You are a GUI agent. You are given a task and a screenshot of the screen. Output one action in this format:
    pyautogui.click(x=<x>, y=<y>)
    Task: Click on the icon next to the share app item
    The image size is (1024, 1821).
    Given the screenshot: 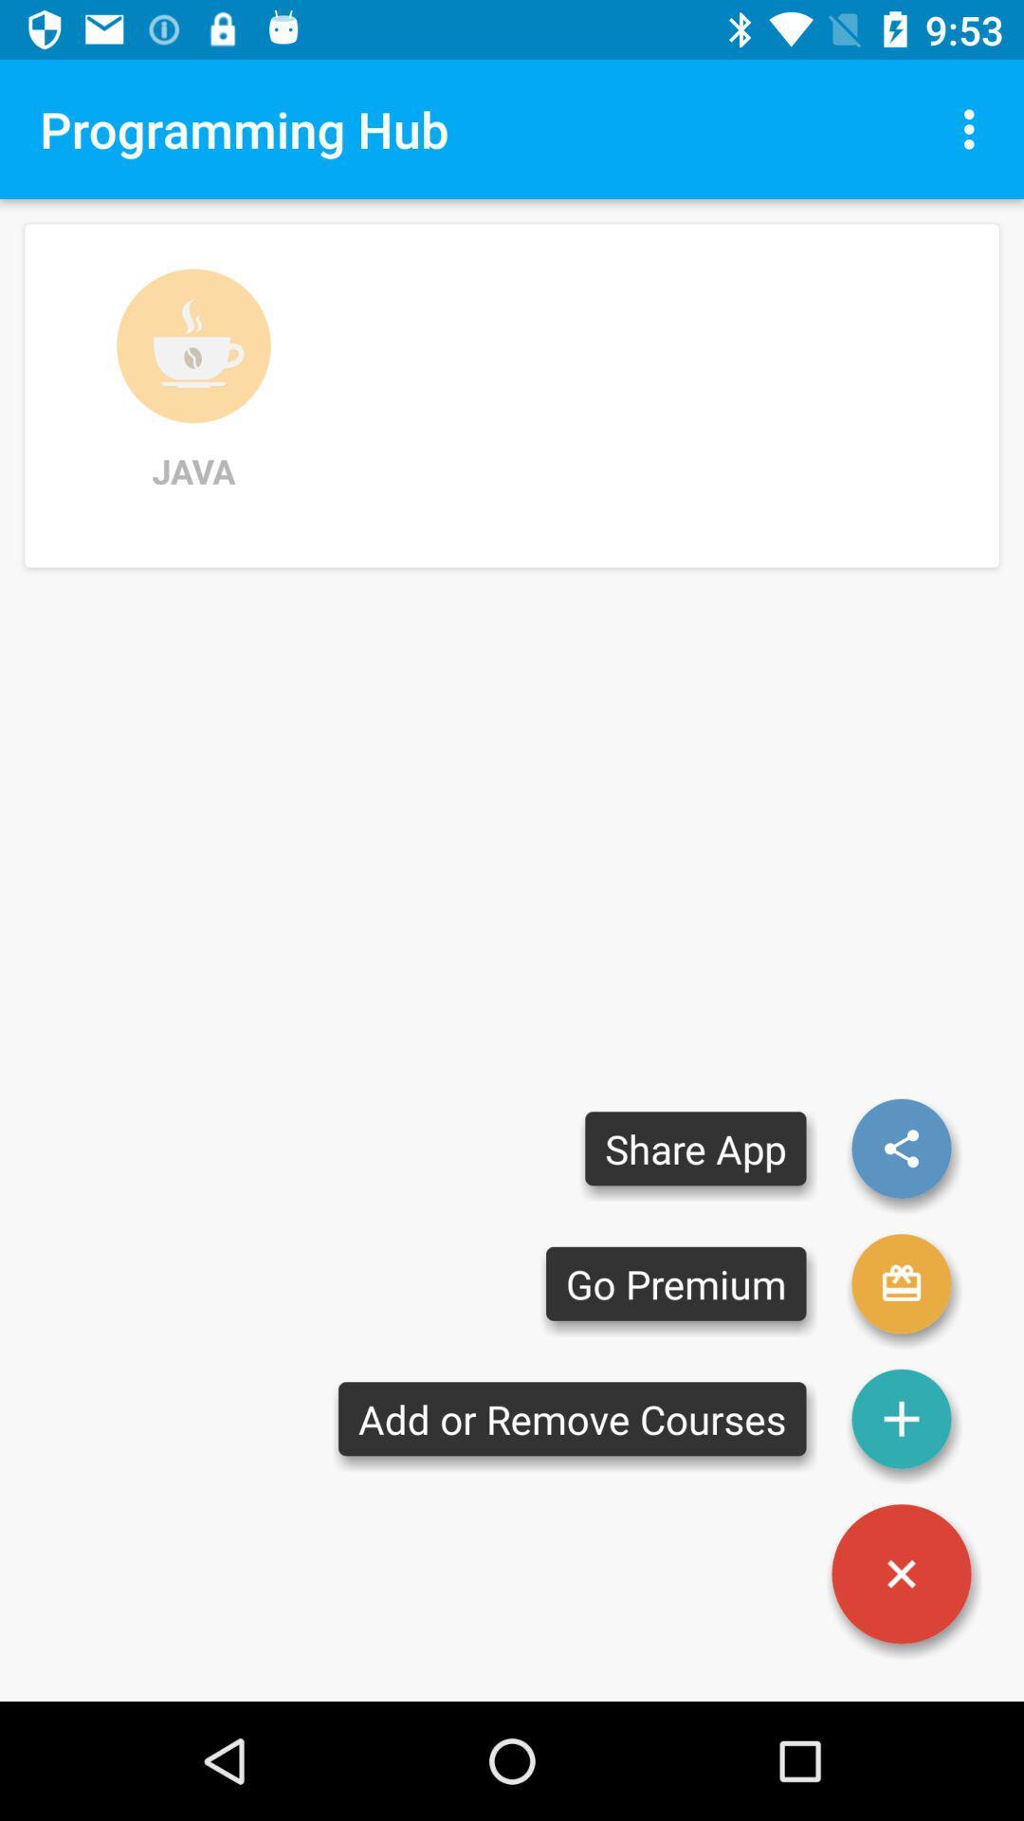 What is the action you would take?
    pyautogui.click(x=901, y=1283)
    